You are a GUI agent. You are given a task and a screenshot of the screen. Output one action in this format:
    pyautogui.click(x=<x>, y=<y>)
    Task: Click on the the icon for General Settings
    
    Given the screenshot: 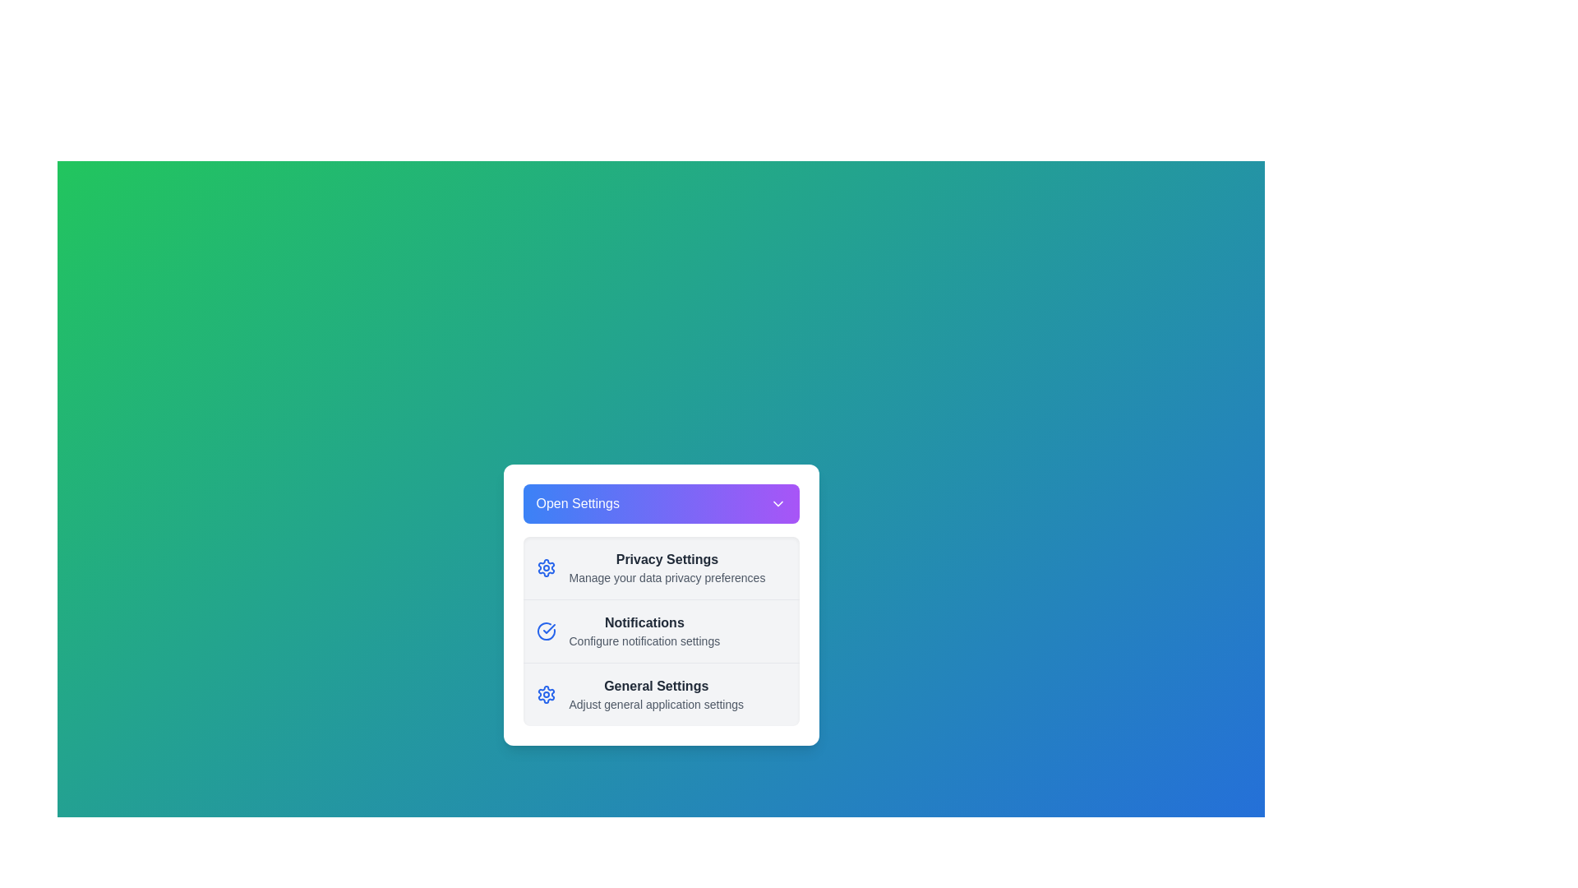 What is the action you would take?
    pyautogui.click(x=546, y=694)
    